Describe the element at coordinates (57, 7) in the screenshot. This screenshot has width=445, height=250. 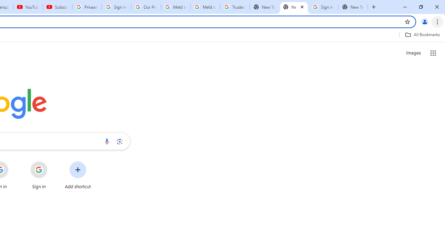
I see `'Subscriptions - YouTube'` at that location.